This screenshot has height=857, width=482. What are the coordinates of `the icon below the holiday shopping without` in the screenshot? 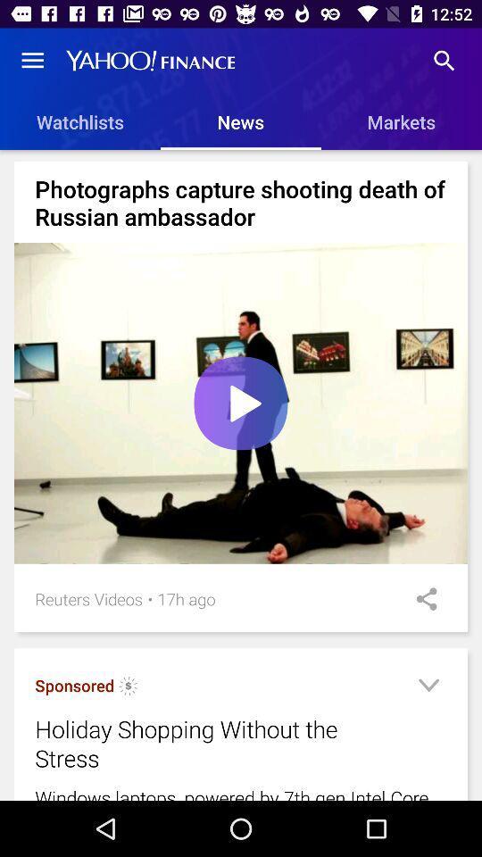 It's located at (241, 792).